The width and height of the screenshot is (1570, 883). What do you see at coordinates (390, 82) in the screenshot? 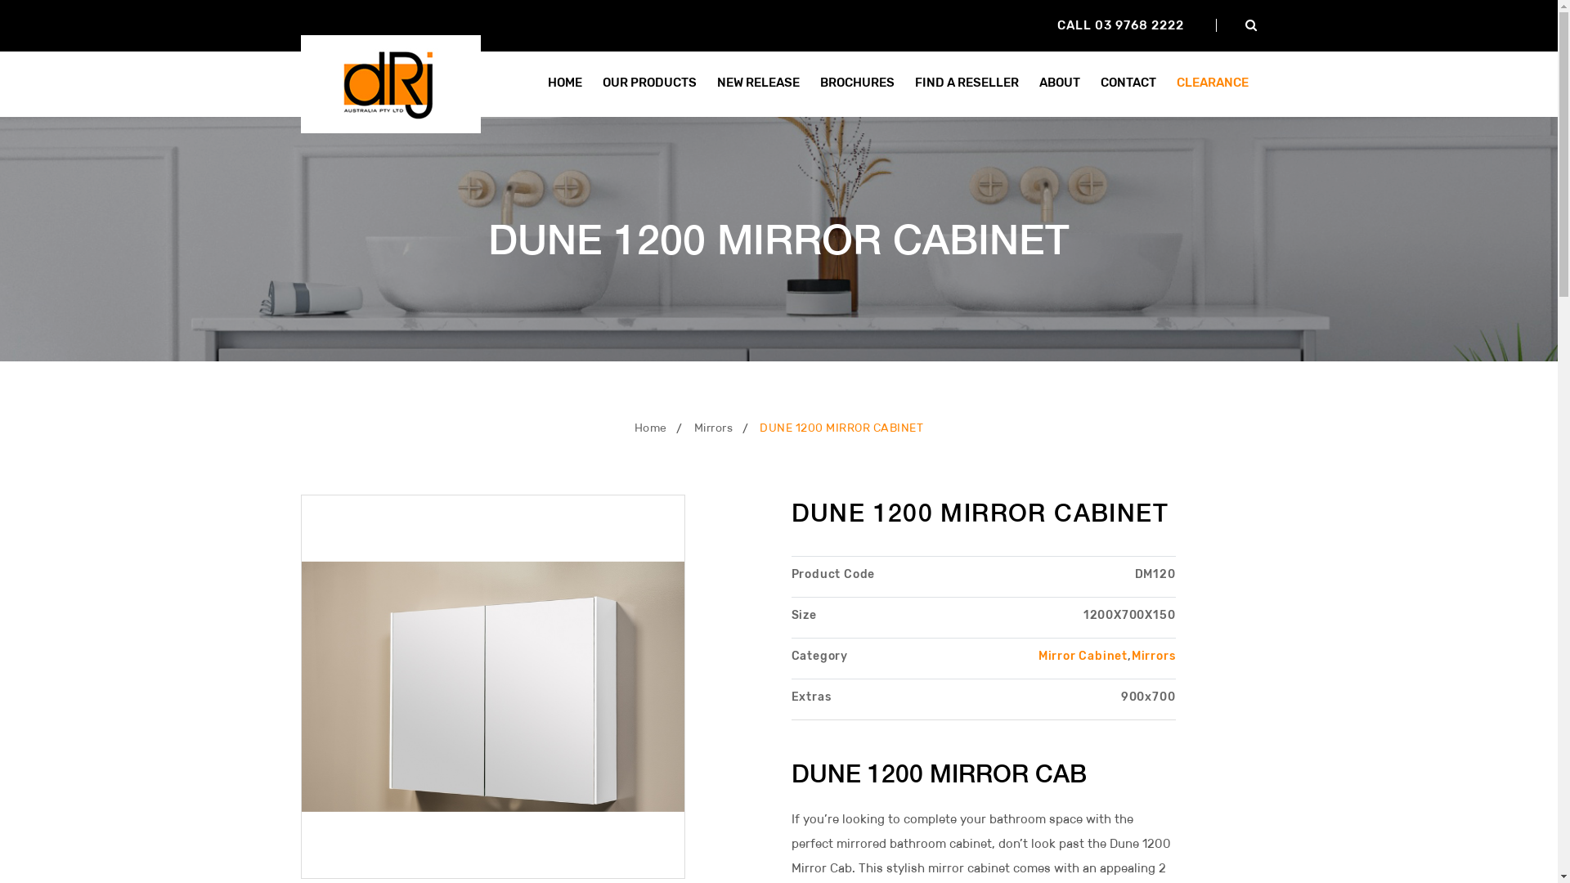
I see `'DRJ Australia Pty Ltd'` at bounding box center [390, 82].